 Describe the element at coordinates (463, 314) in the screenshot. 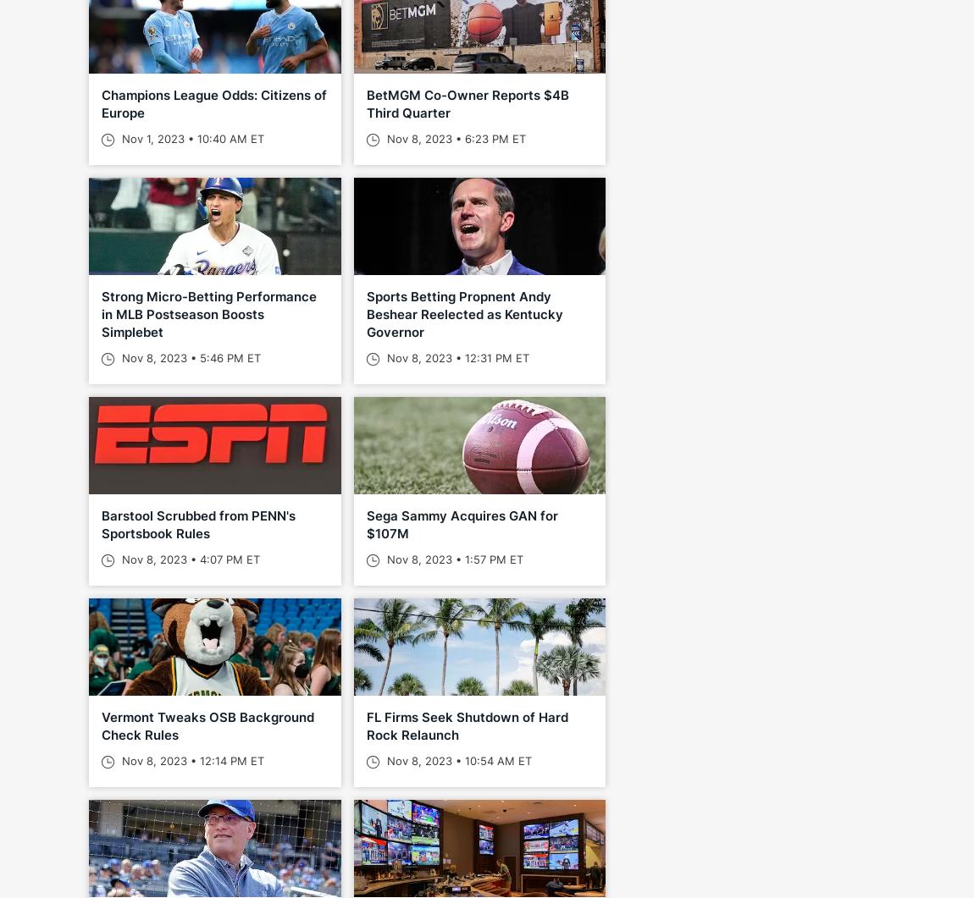

I see `'Sports Betting Propnent Andy Beshear Reelected as Kentucky Governor'` at that location.